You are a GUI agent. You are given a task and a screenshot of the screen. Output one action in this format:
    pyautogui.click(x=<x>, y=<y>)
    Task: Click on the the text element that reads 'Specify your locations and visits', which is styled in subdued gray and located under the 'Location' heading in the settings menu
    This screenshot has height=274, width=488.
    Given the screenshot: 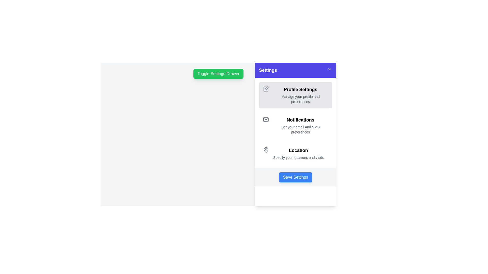 What is the action you would take?
    pyautogui.click(x=298, y=157)
    